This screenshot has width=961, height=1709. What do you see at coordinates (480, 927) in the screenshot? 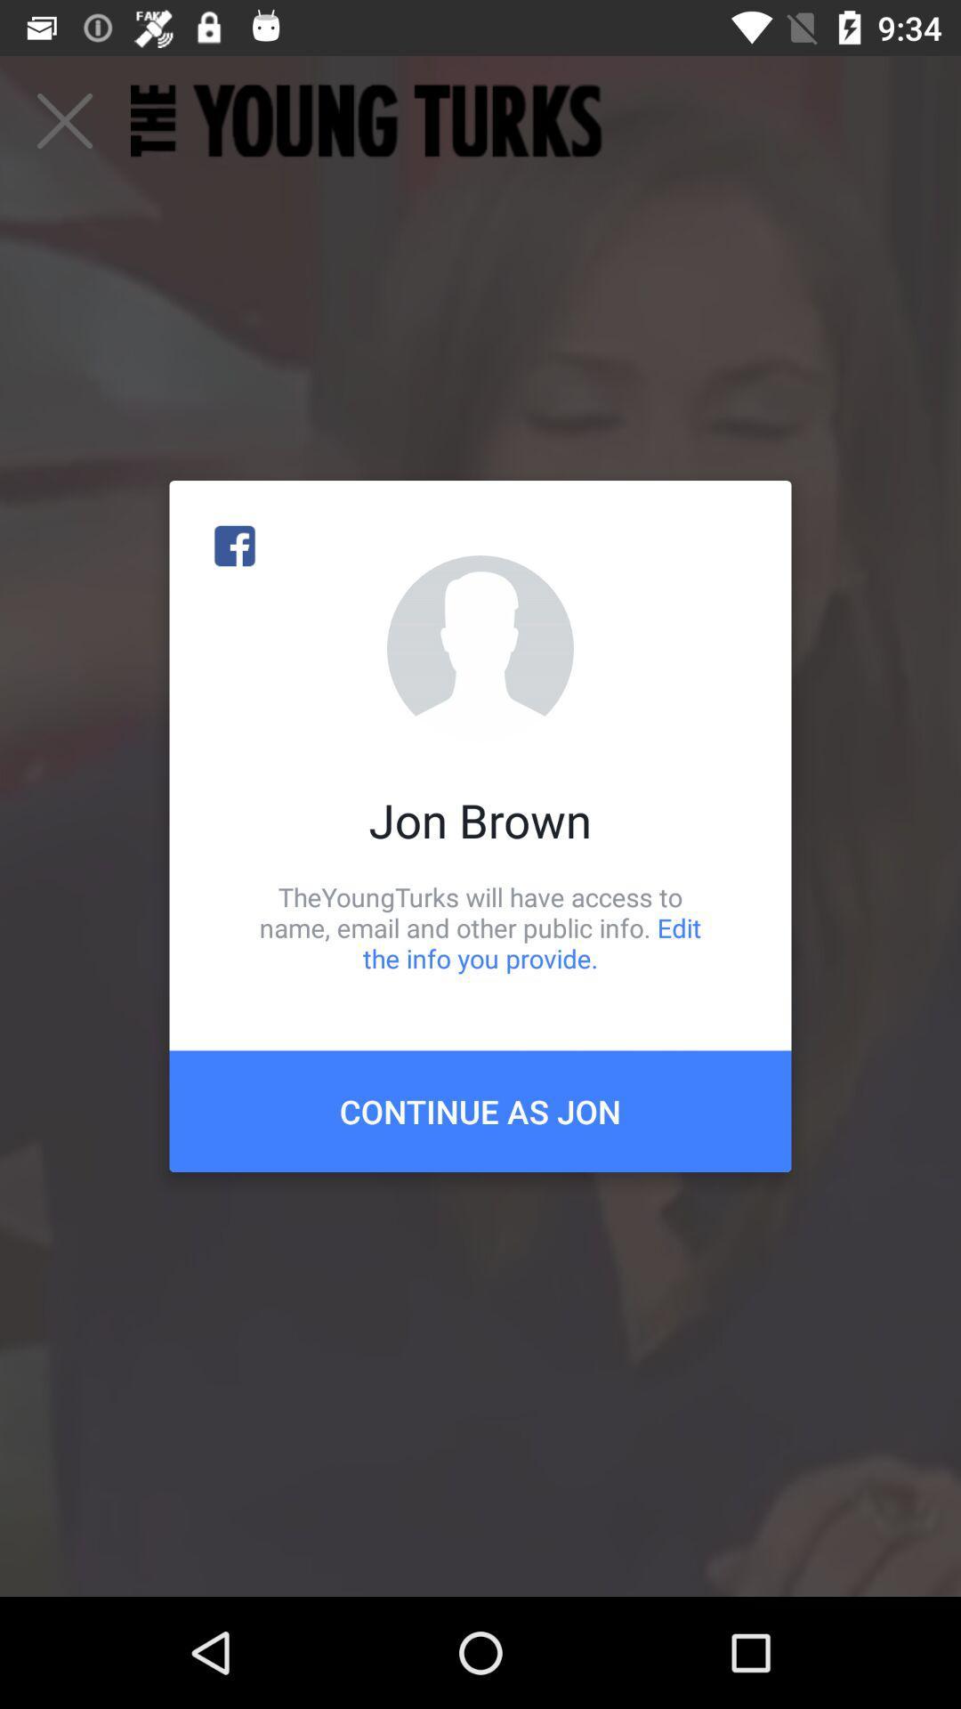
I see `the theyoungturks will have` at bounding box center [480, 927].